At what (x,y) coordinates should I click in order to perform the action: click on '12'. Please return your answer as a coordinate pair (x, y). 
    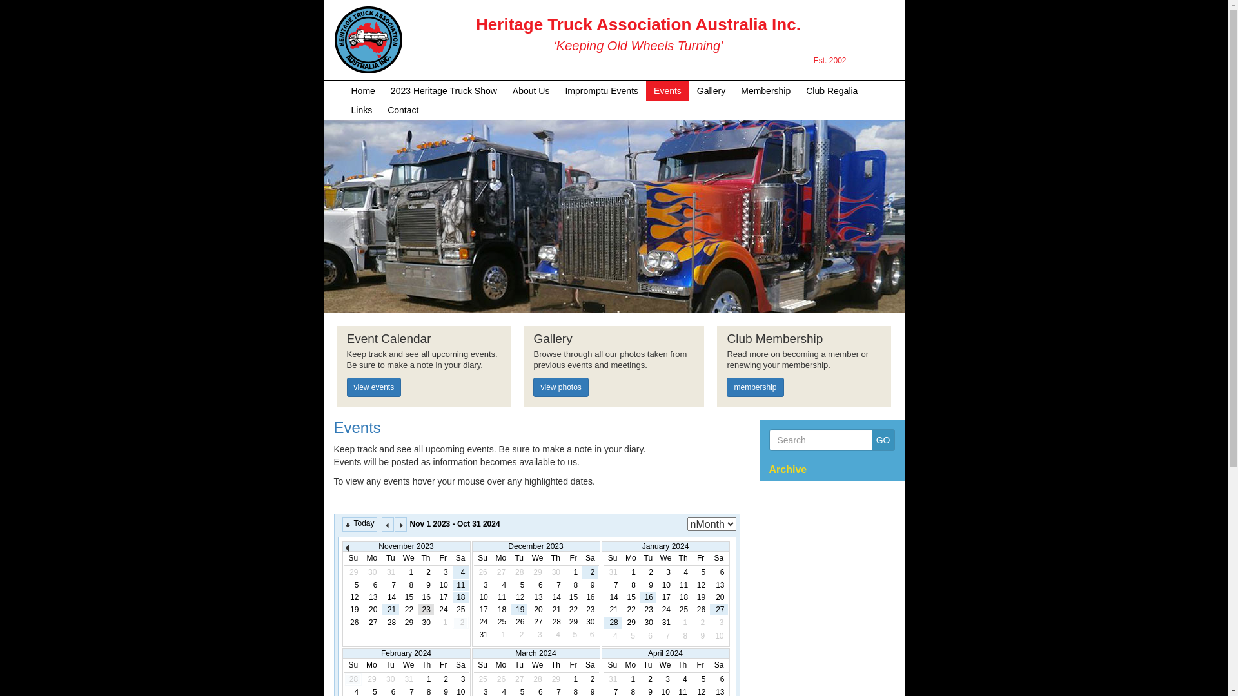
    Looking at the image, I should click on (700, 585).